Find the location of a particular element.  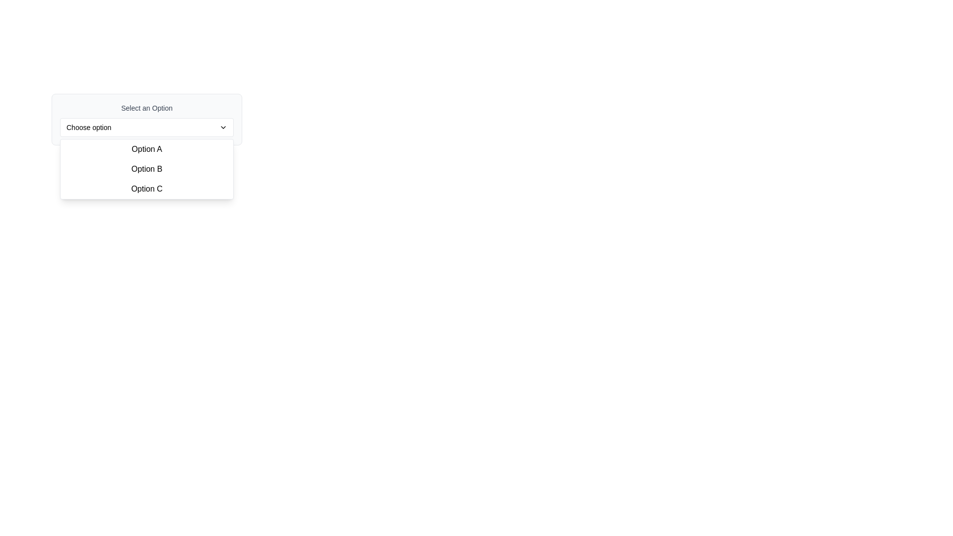

the second option 'Option B' in the dropdown menu is located at coordinates (146, 168).